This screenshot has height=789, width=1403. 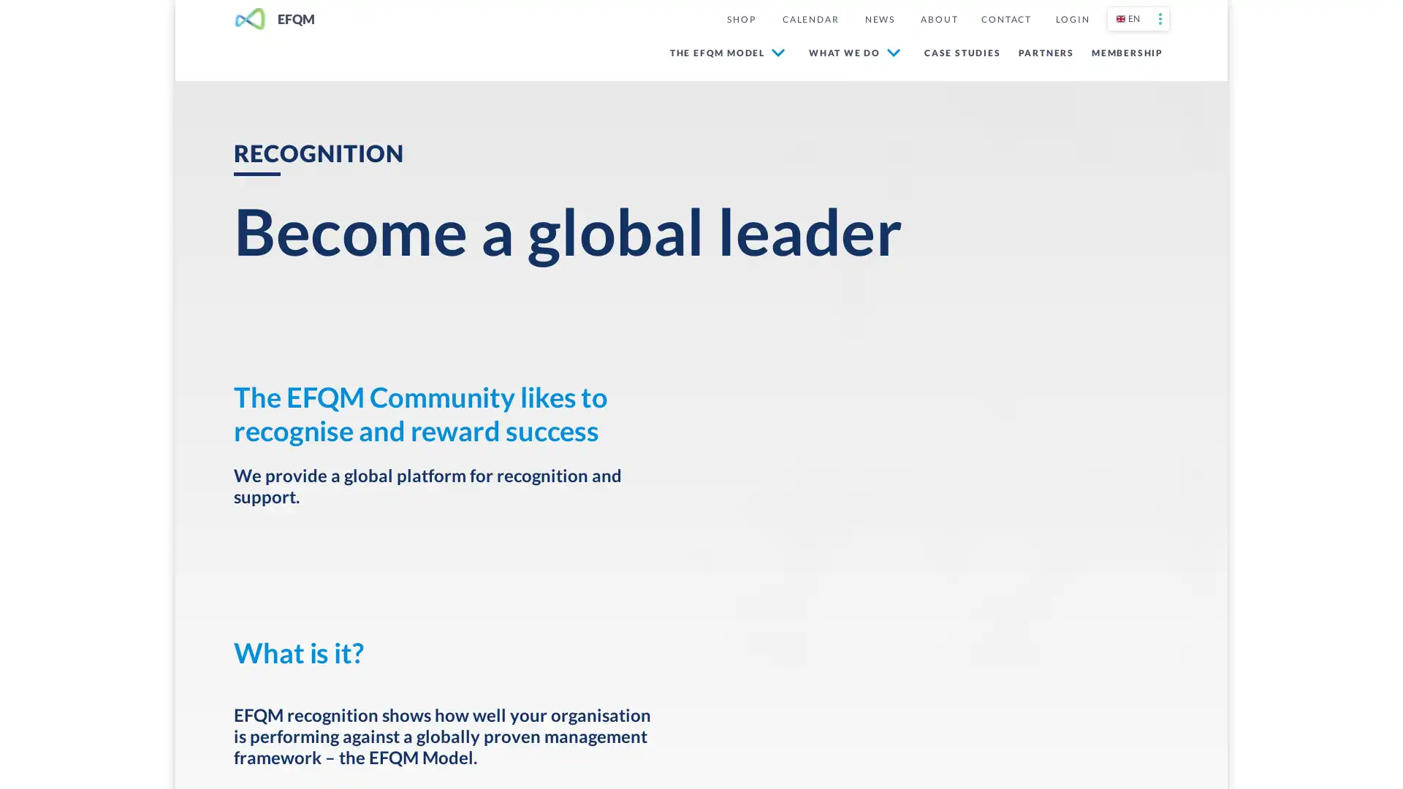 What do you see at coordinates (740, 19) in the screenshot?
I see `SHOP` at bounding box center [740, 19].